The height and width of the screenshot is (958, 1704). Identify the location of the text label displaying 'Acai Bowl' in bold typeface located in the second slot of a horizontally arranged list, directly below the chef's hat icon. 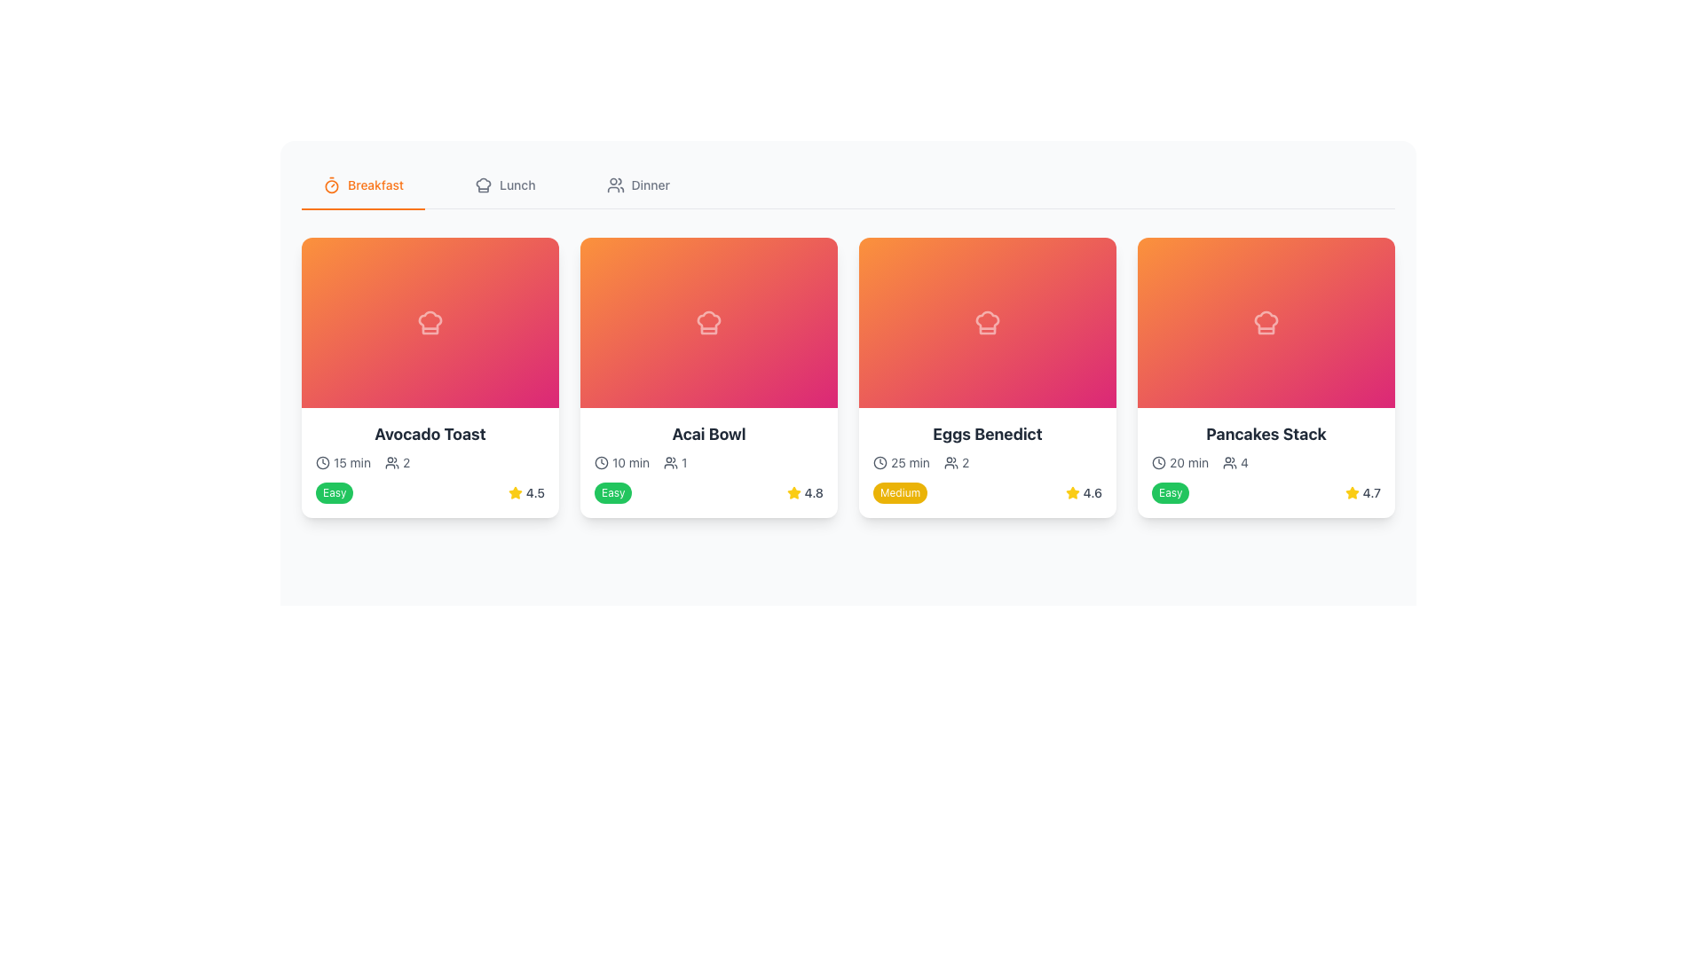
(707, 434).